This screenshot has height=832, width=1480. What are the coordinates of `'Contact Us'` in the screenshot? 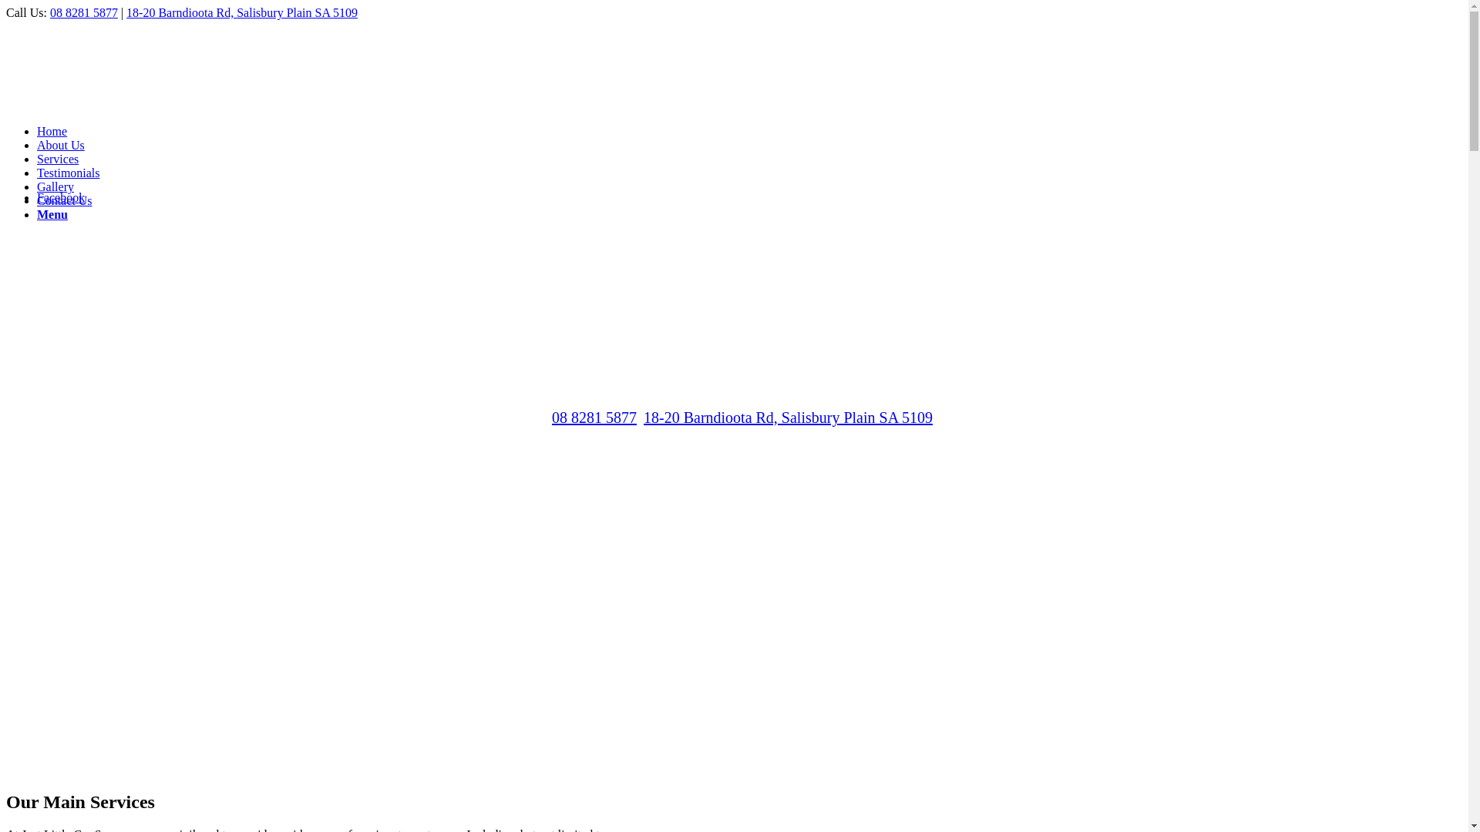 It's located at (63, 200).